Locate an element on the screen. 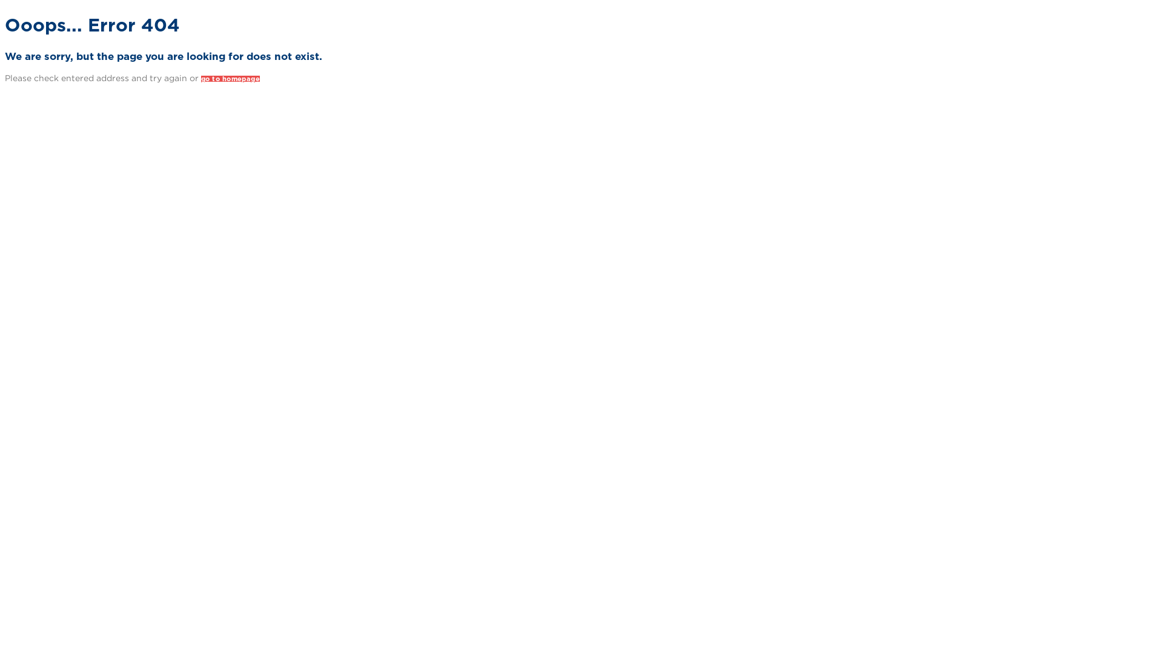  'go to homepage' is located at coordinates (200, 79).